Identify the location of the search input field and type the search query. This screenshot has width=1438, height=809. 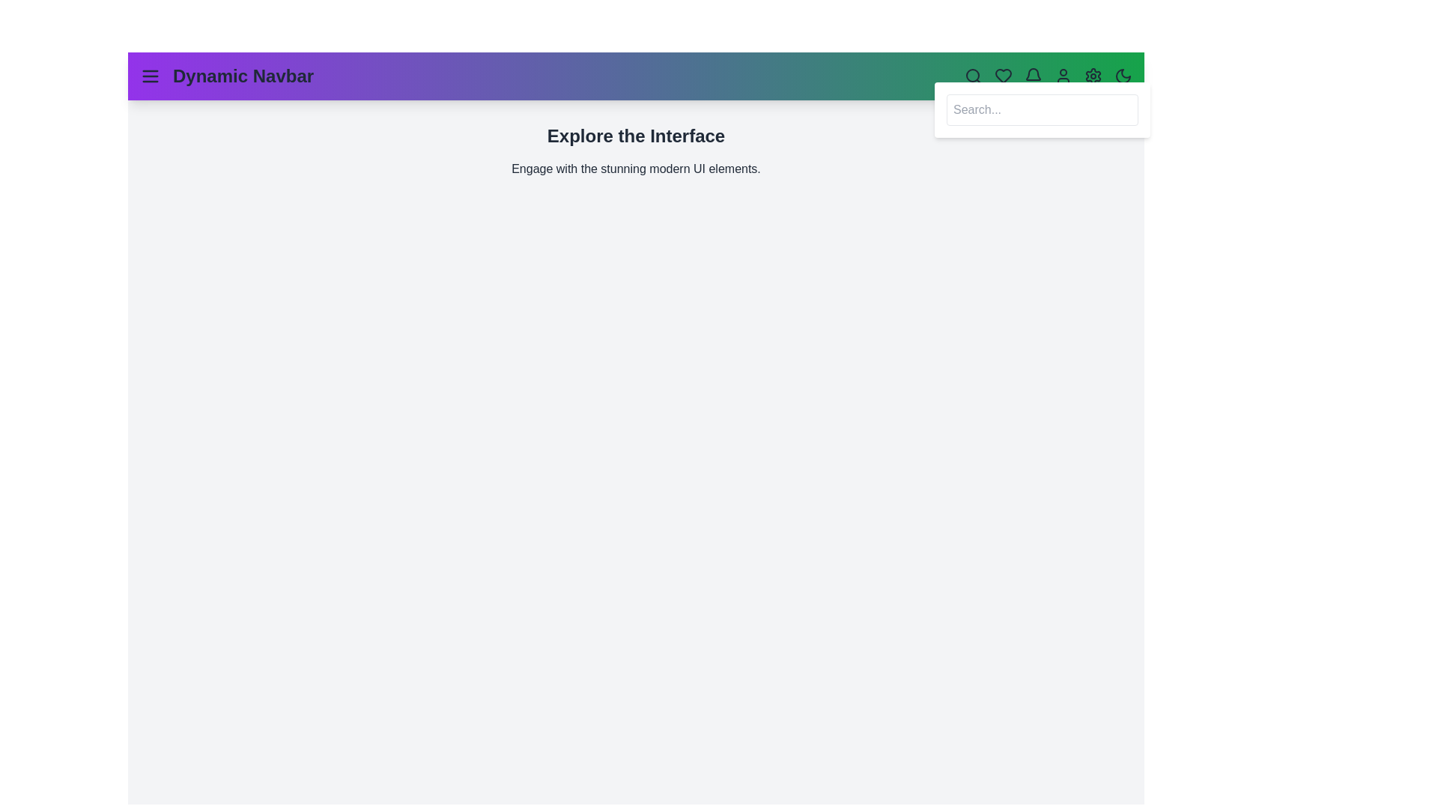
(1042, 109).